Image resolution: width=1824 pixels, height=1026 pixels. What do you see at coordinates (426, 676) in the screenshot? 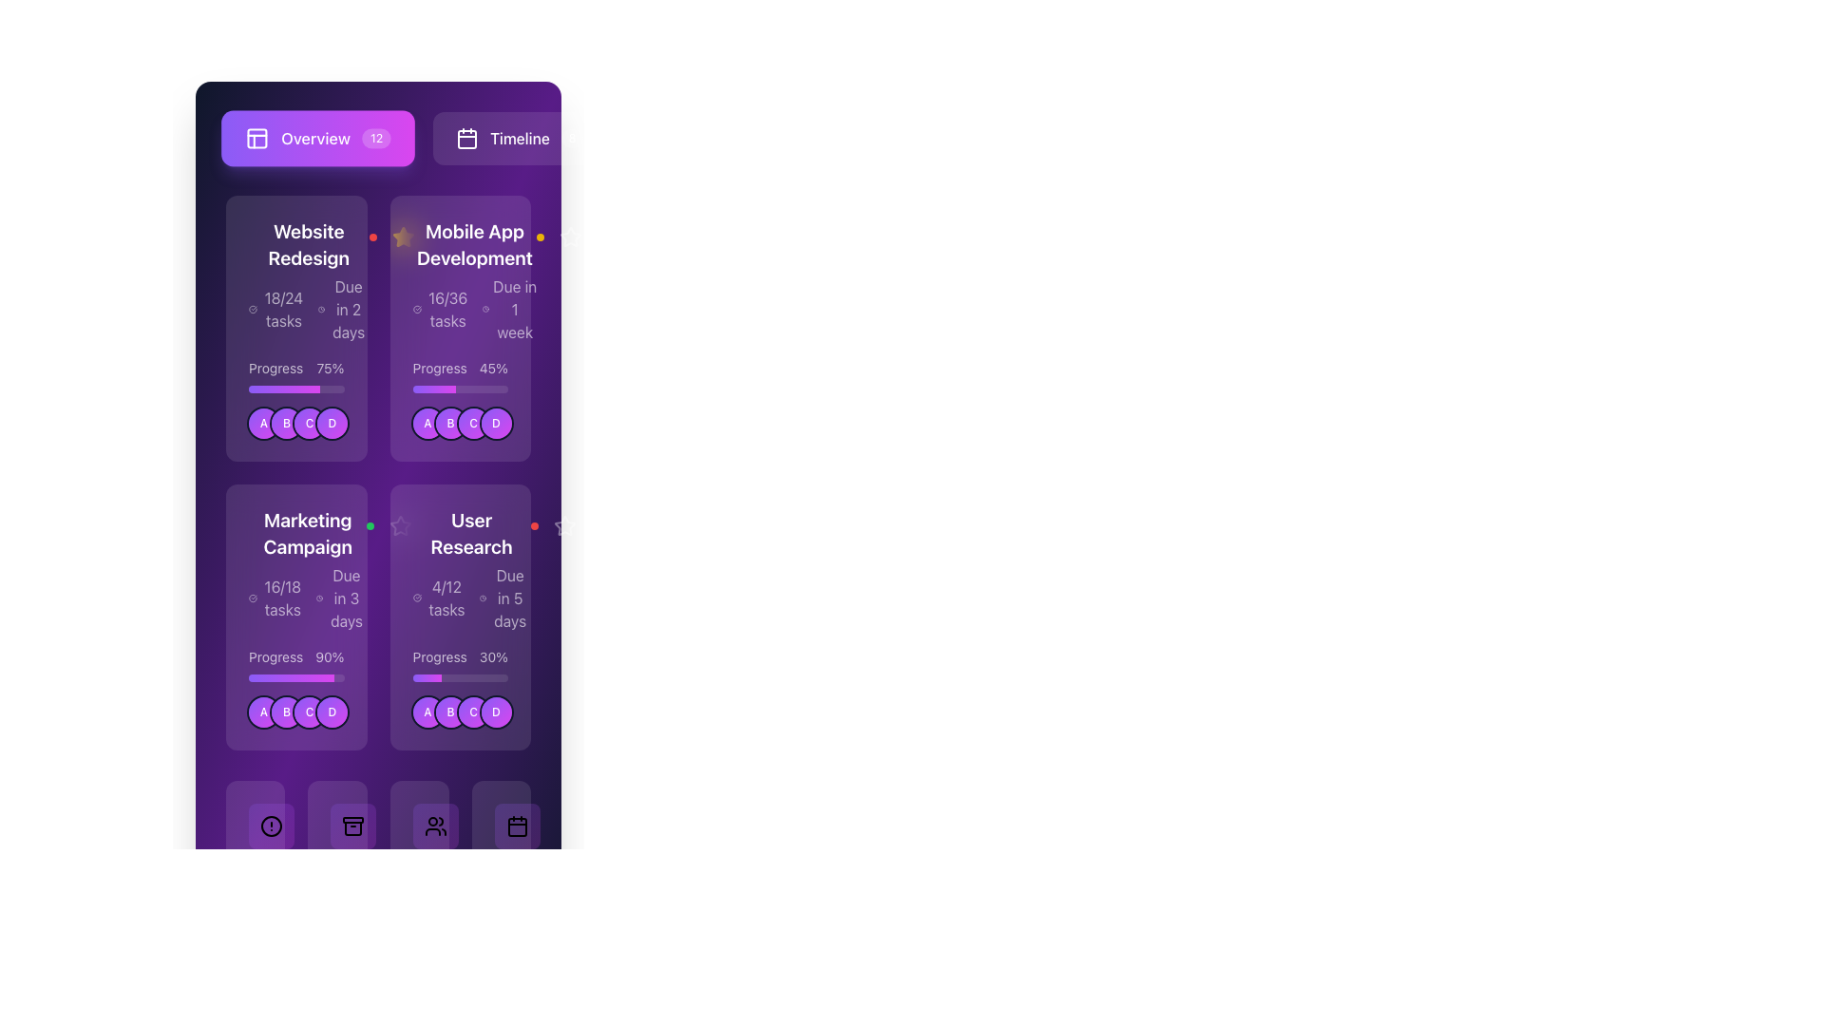
I see `the progress bar segment that is violet to fuchsia in color, located within the 'User Research' card on the bottom row of the layout` at bounding box center [426, 676].